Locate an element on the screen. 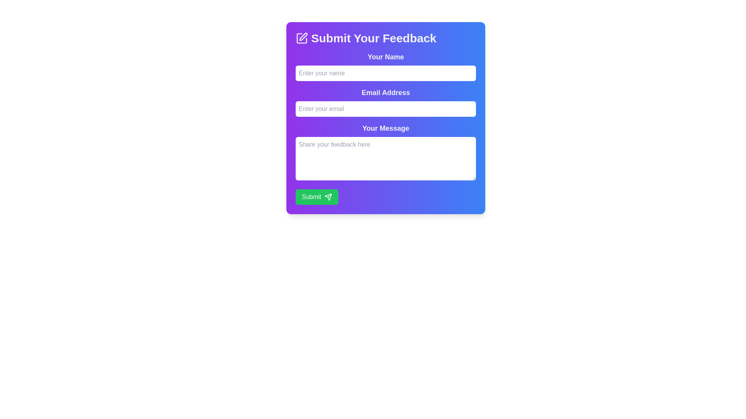  the edit icon represented by a square outline with a pen overlay, styled with a purple background, located in the top-left corner of the feedback submission form to observe its tooltip or context is located at coordinates (302, 38).